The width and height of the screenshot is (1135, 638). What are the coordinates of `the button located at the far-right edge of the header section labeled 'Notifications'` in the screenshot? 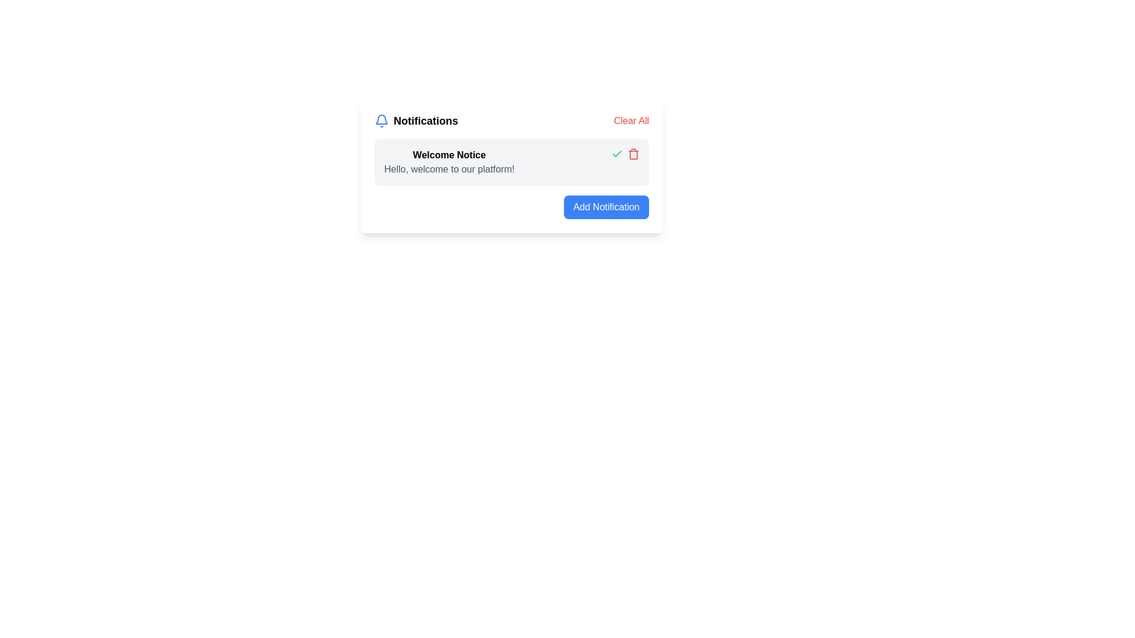 It's located at (631, 121).